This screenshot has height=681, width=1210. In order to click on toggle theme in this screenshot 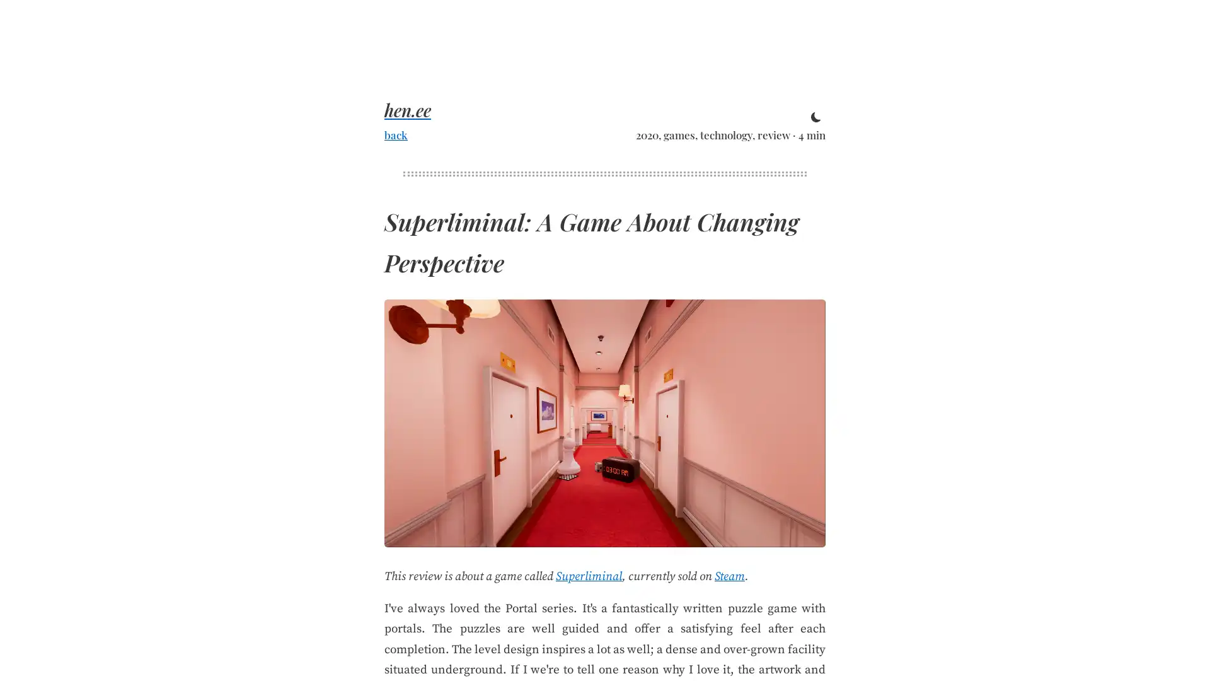, I will do `click(816, 117)`.